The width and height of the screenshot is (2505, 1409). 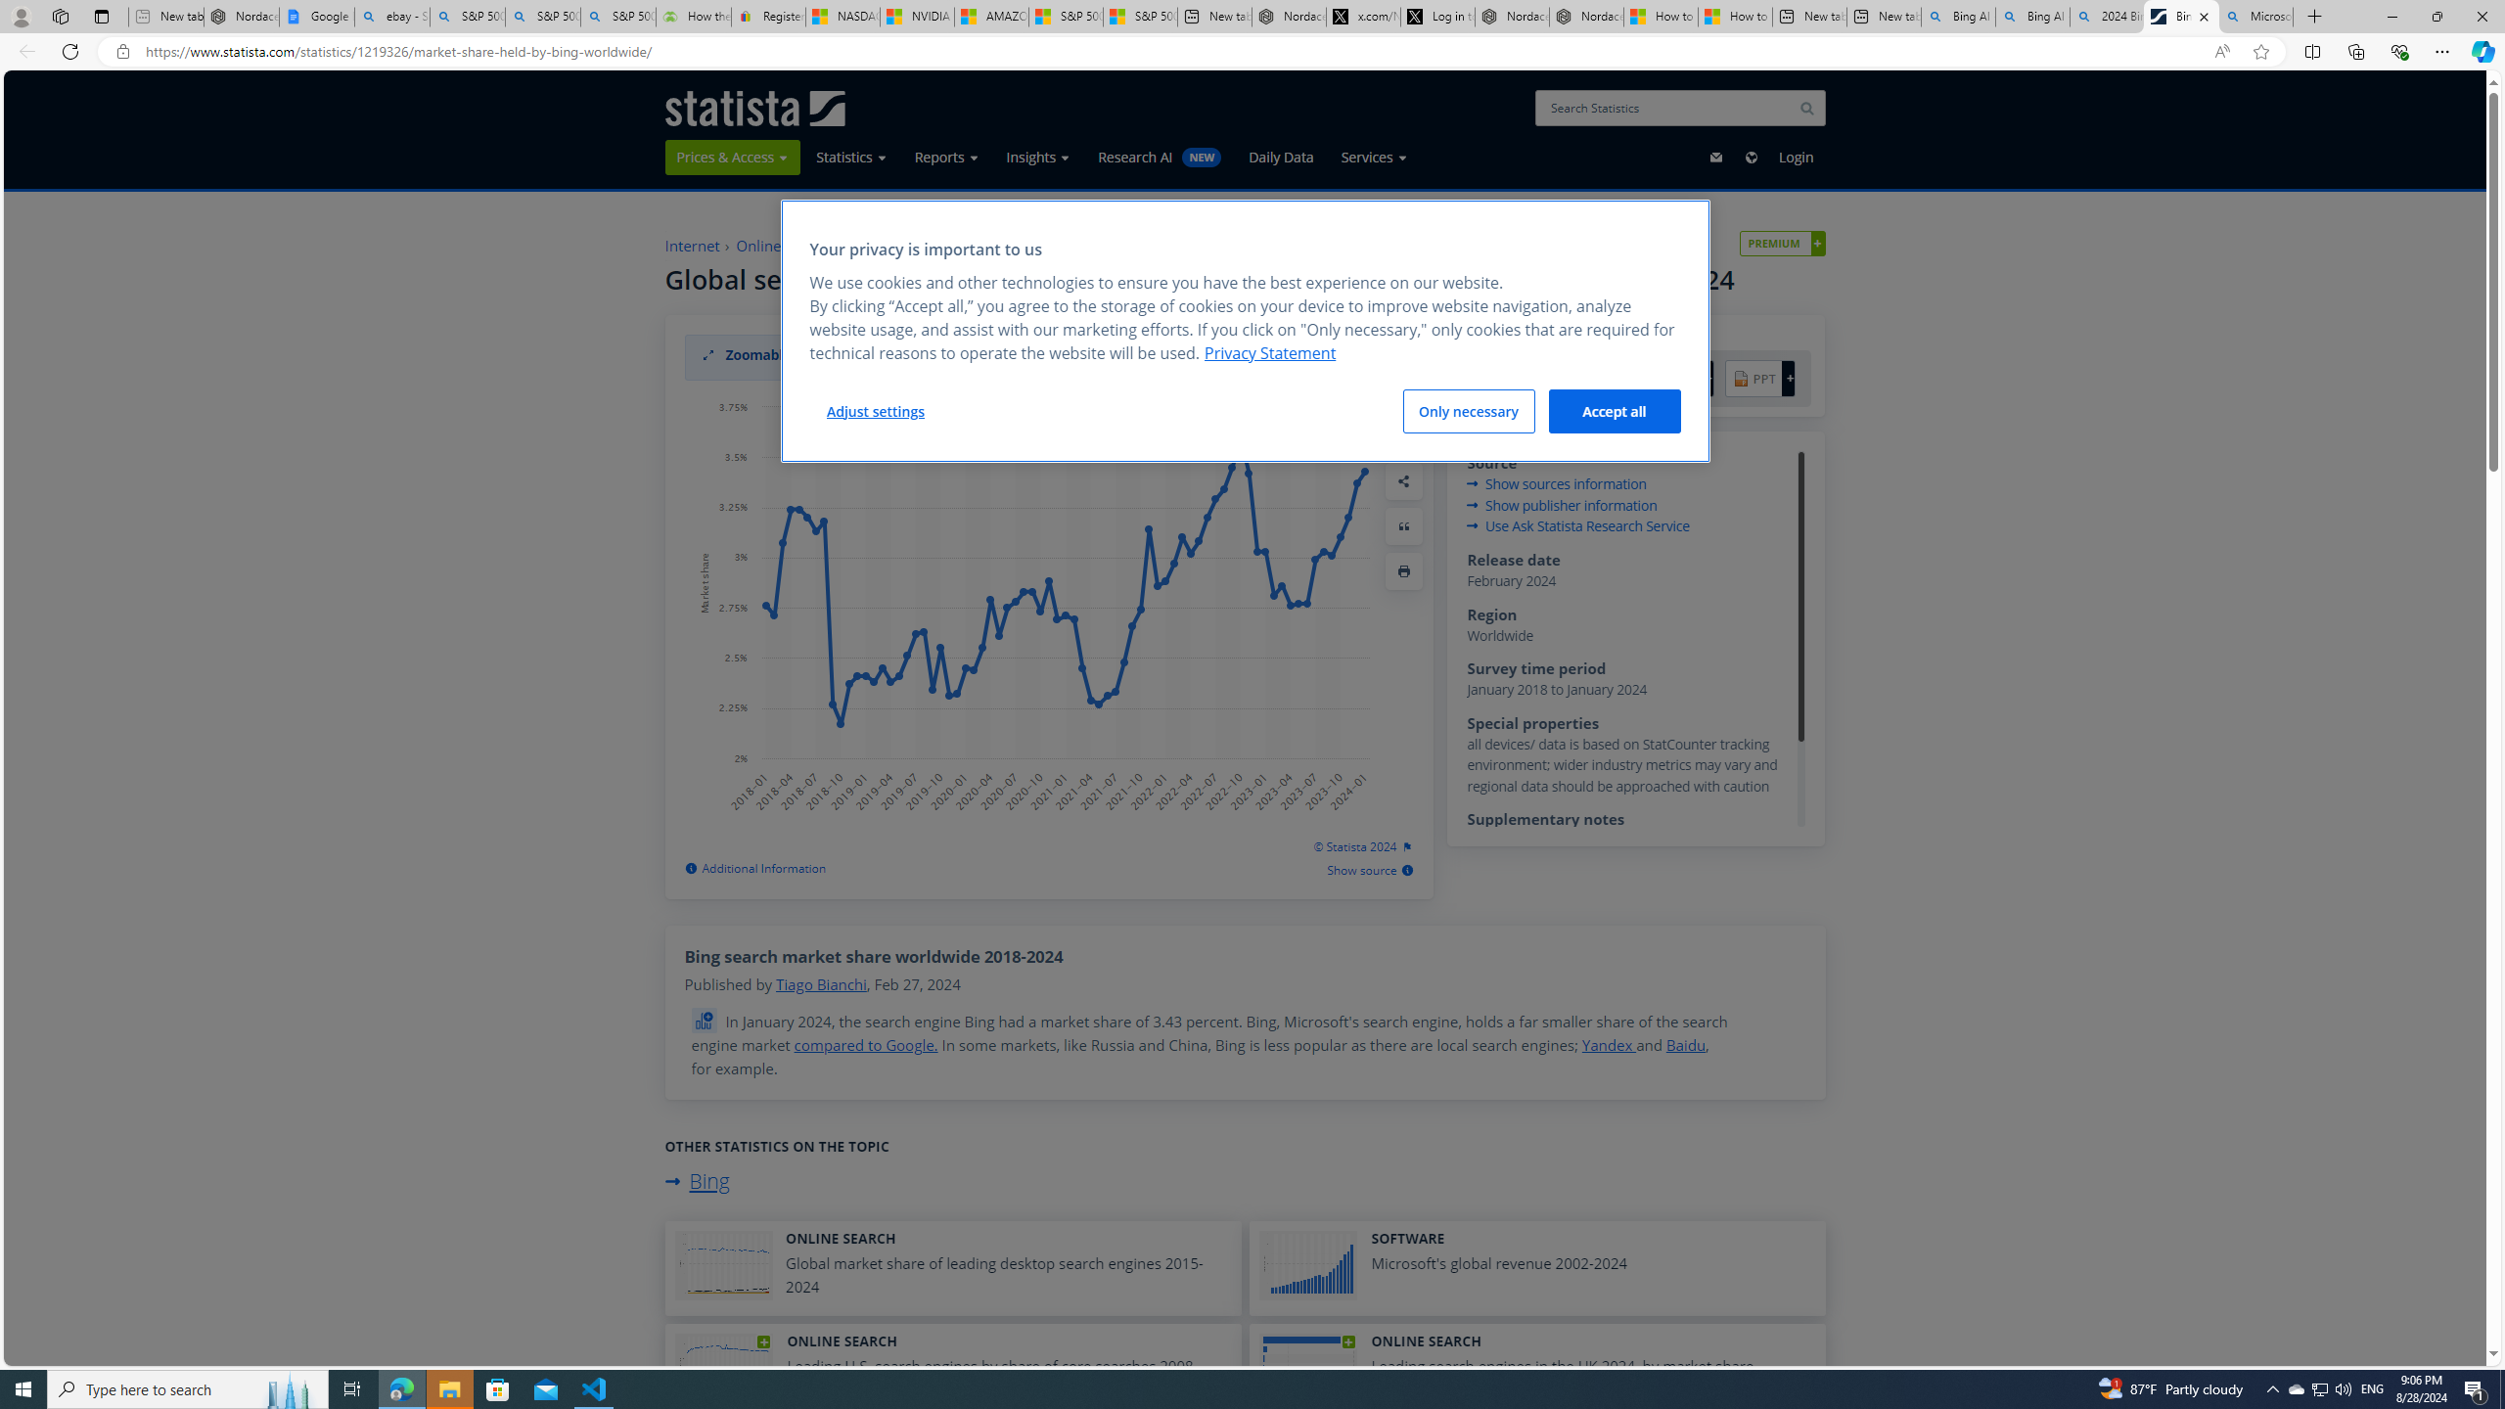 I want to click on 'Accept all', so click(x=1613, y=411).